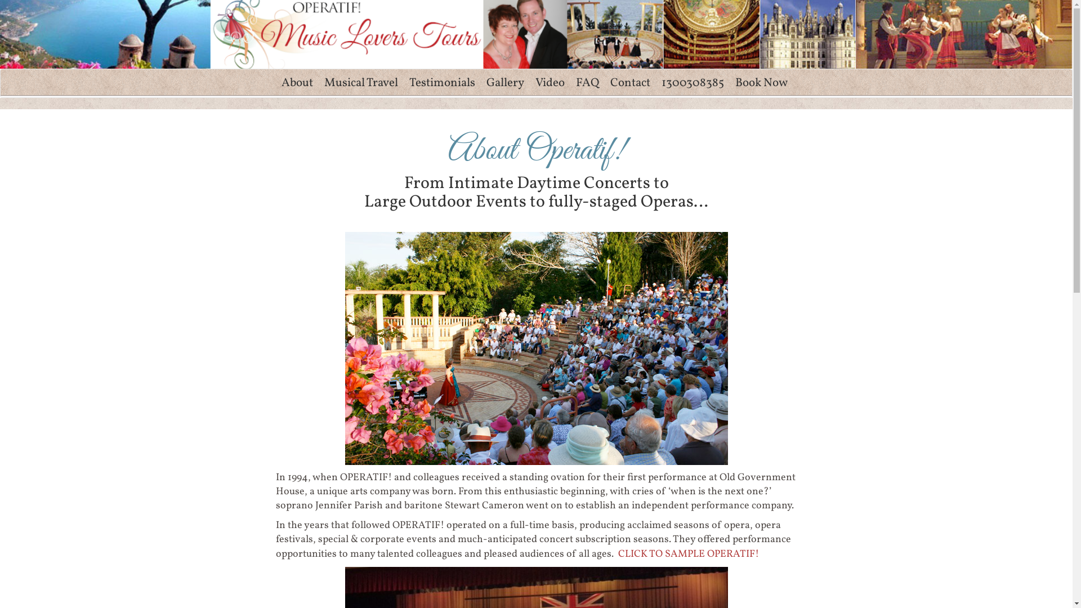 This screenshot has height=608, width=1081. What do you see at coordinates (586, 82) in the screenshot?
I see `'FAQ'` at bounding box center [586, 82].